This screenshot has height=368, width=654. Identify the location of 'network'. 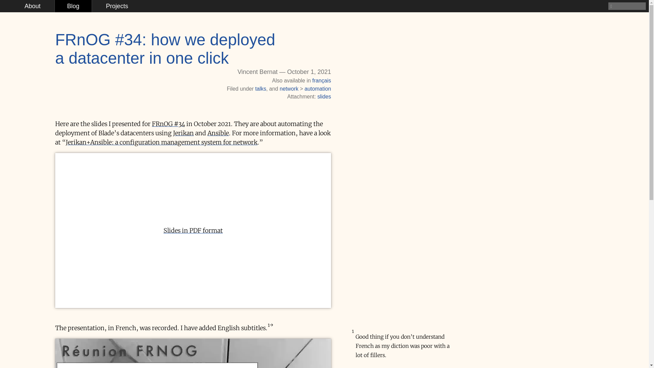
(289, 88).